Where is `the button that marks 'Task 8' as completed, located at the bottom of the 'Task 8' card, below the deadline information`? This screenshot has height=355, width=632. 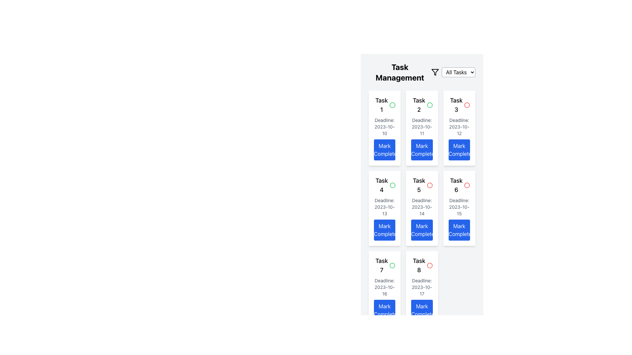
the button that marks 'Task 8' as completed, located at the bottom of the 'Task 8' card, below the deadline information is located at coordinates (422, 310).